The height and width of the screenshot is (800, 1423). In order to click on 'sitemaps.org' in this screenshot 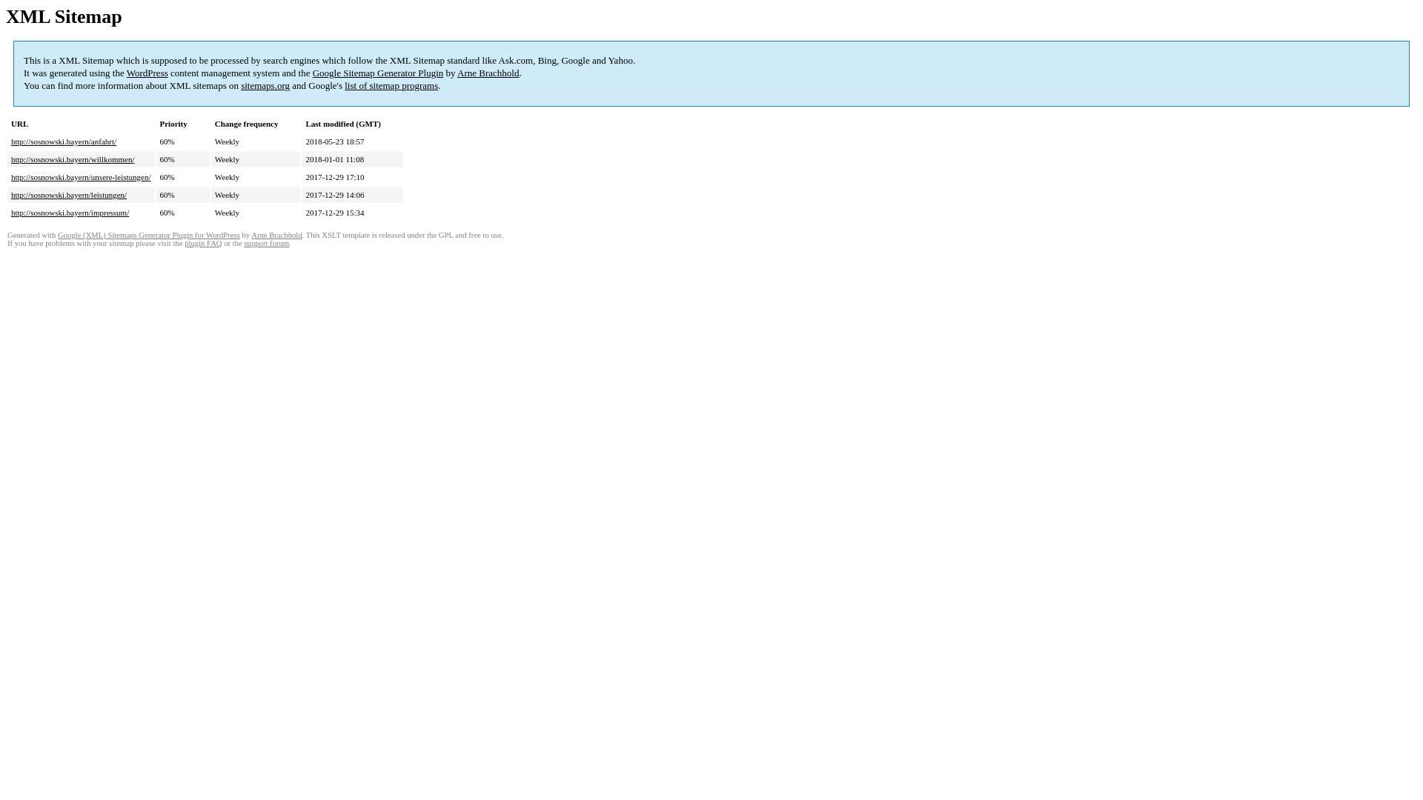, I will do `click(265, 85)`.